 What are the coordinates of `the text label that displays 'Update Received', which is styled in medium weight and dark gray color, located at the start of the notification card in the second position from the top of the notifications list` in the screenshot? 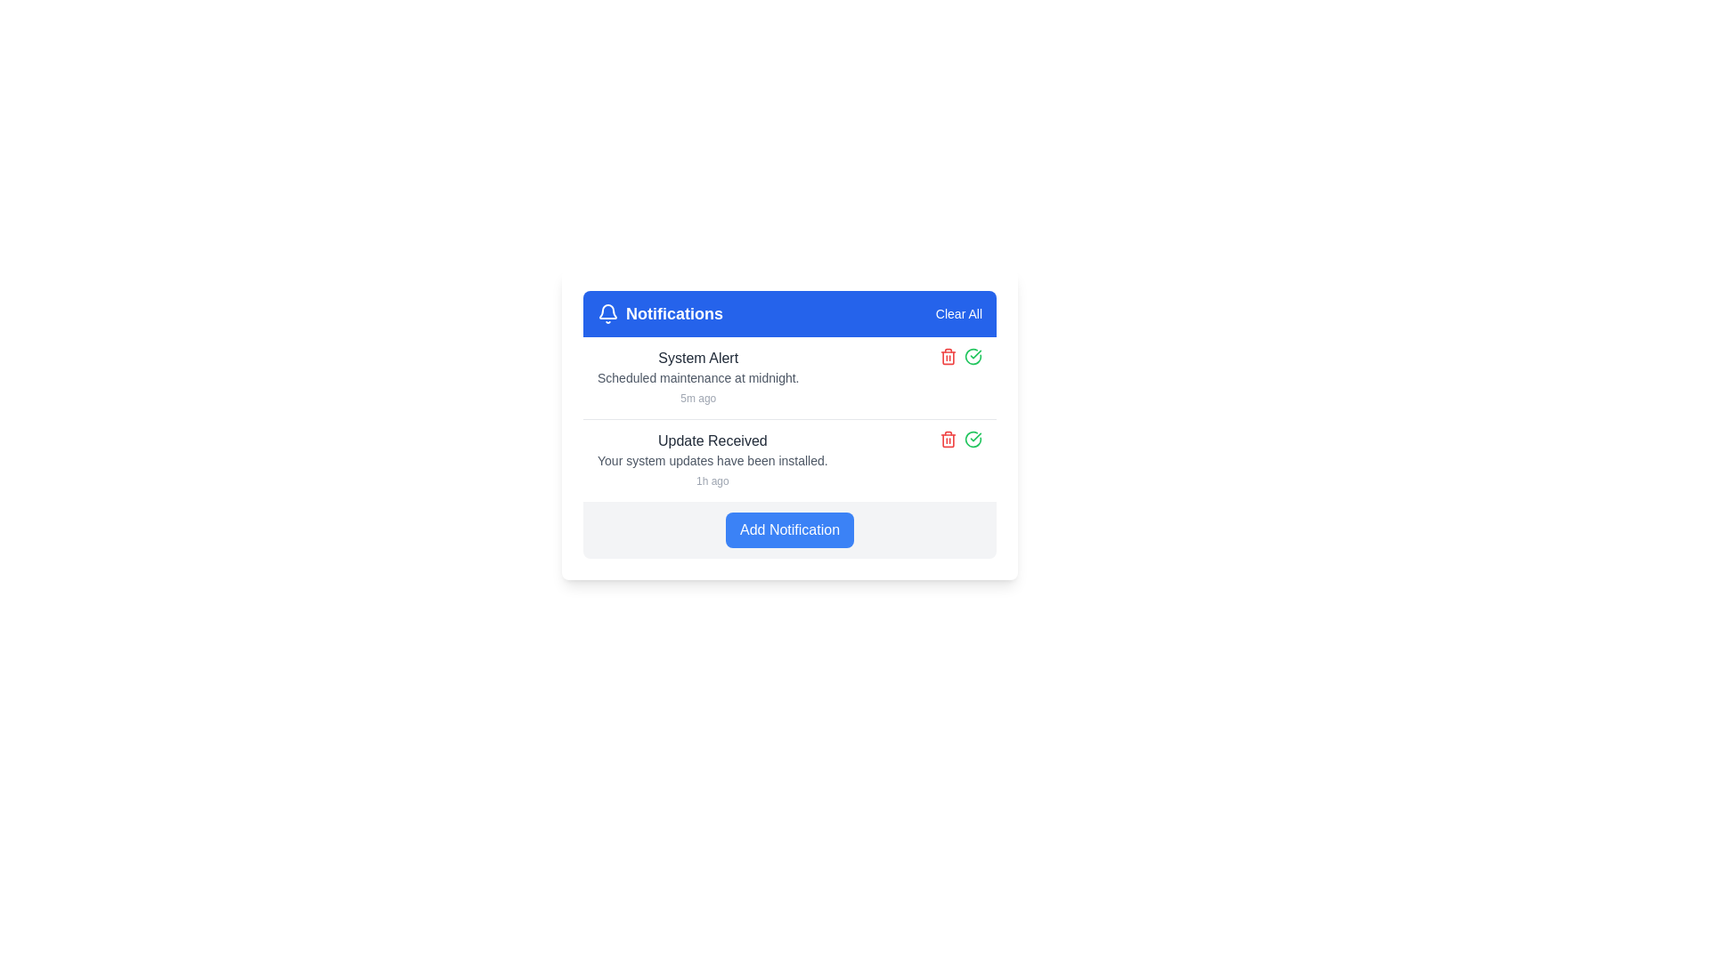 It's located at (712, 440).